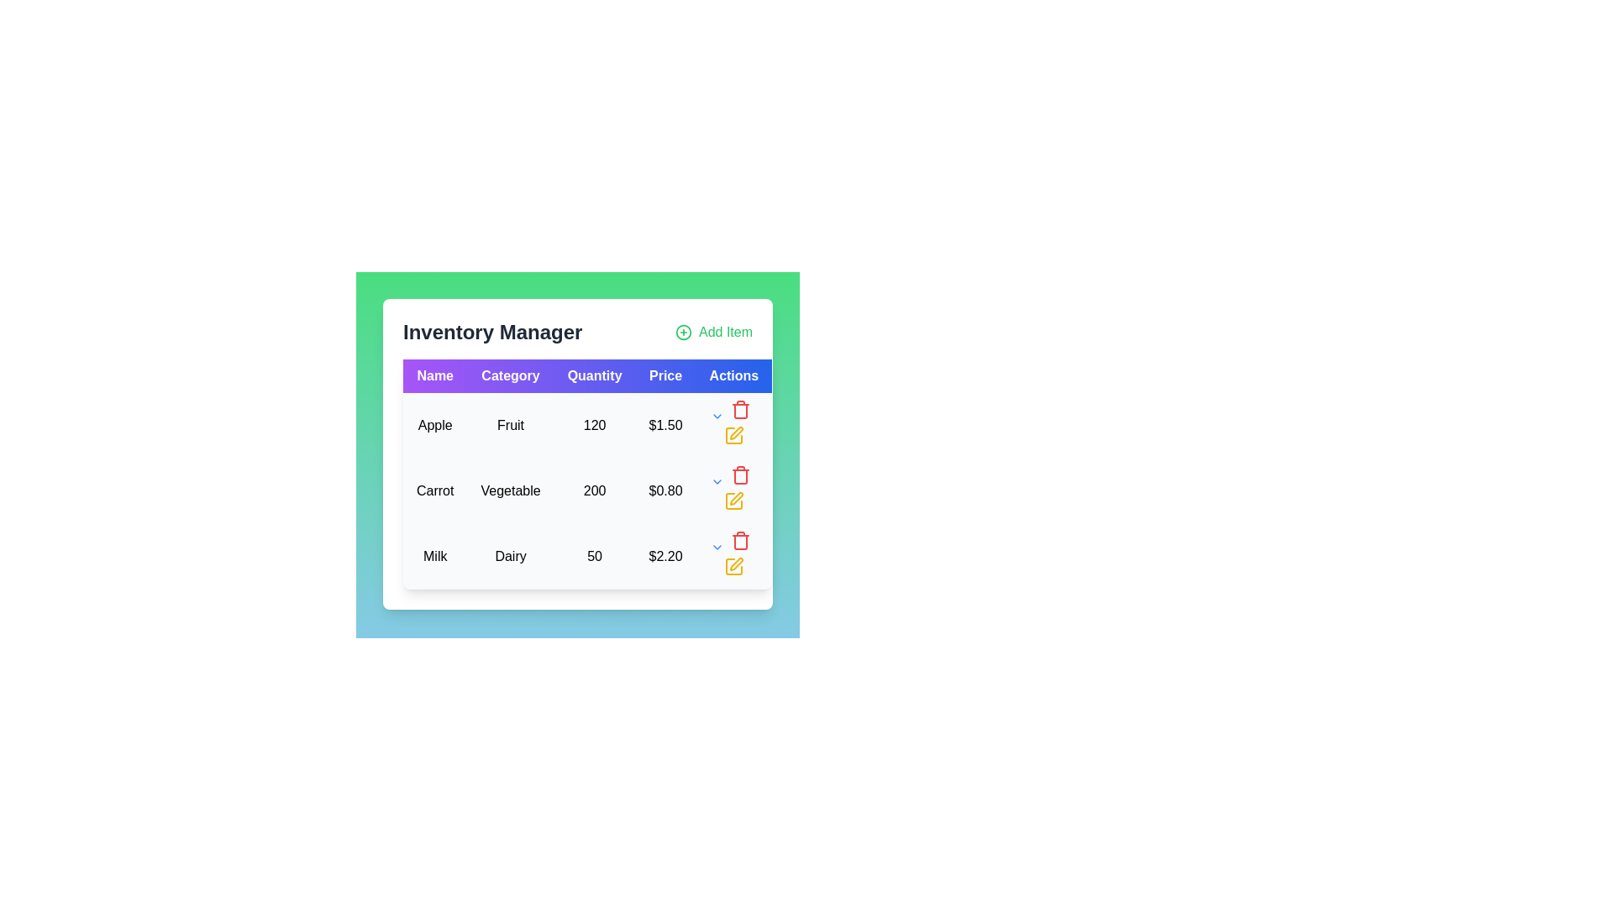 The height and width of the screenshot is (907, 1613). I want to click on the text label displaying the number '120' in black font, located in the 'Quantity' column of the 'Apple' item row in the Inventory Manager data table, so click(595, 424).